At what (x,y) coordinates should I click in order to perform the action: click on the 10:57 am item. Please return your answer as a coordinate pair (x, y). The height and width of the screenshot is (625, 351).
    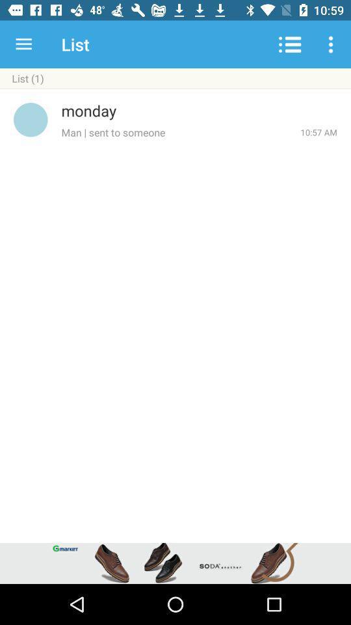
    Looking at the image, I should click on (318, 132).